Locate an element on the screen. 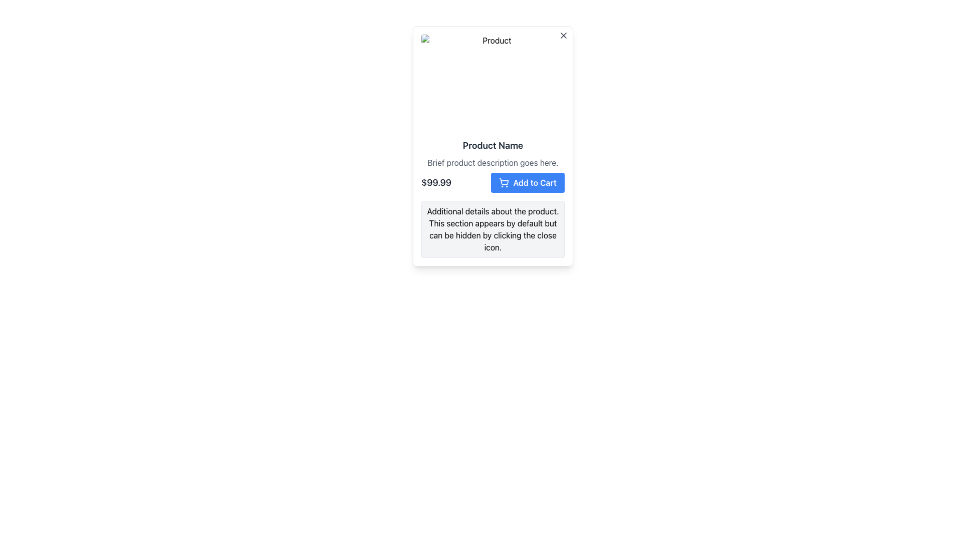 This screenshot has height=541, width=962. the informational Text box located at the bottom of the styled card, which displays detailed product descriptions is located at coordinates (493, 229).